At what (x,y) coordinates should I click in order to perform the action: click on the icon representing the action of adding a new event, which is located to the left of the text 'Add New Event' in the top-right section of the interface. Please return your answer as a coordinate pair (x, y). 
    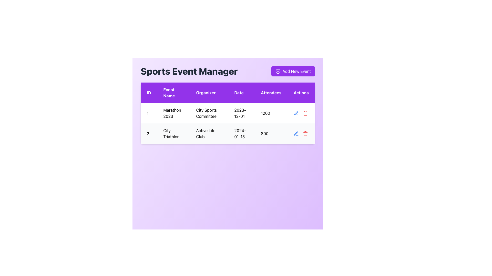
    Looking at the image, I should click on (278, 71).